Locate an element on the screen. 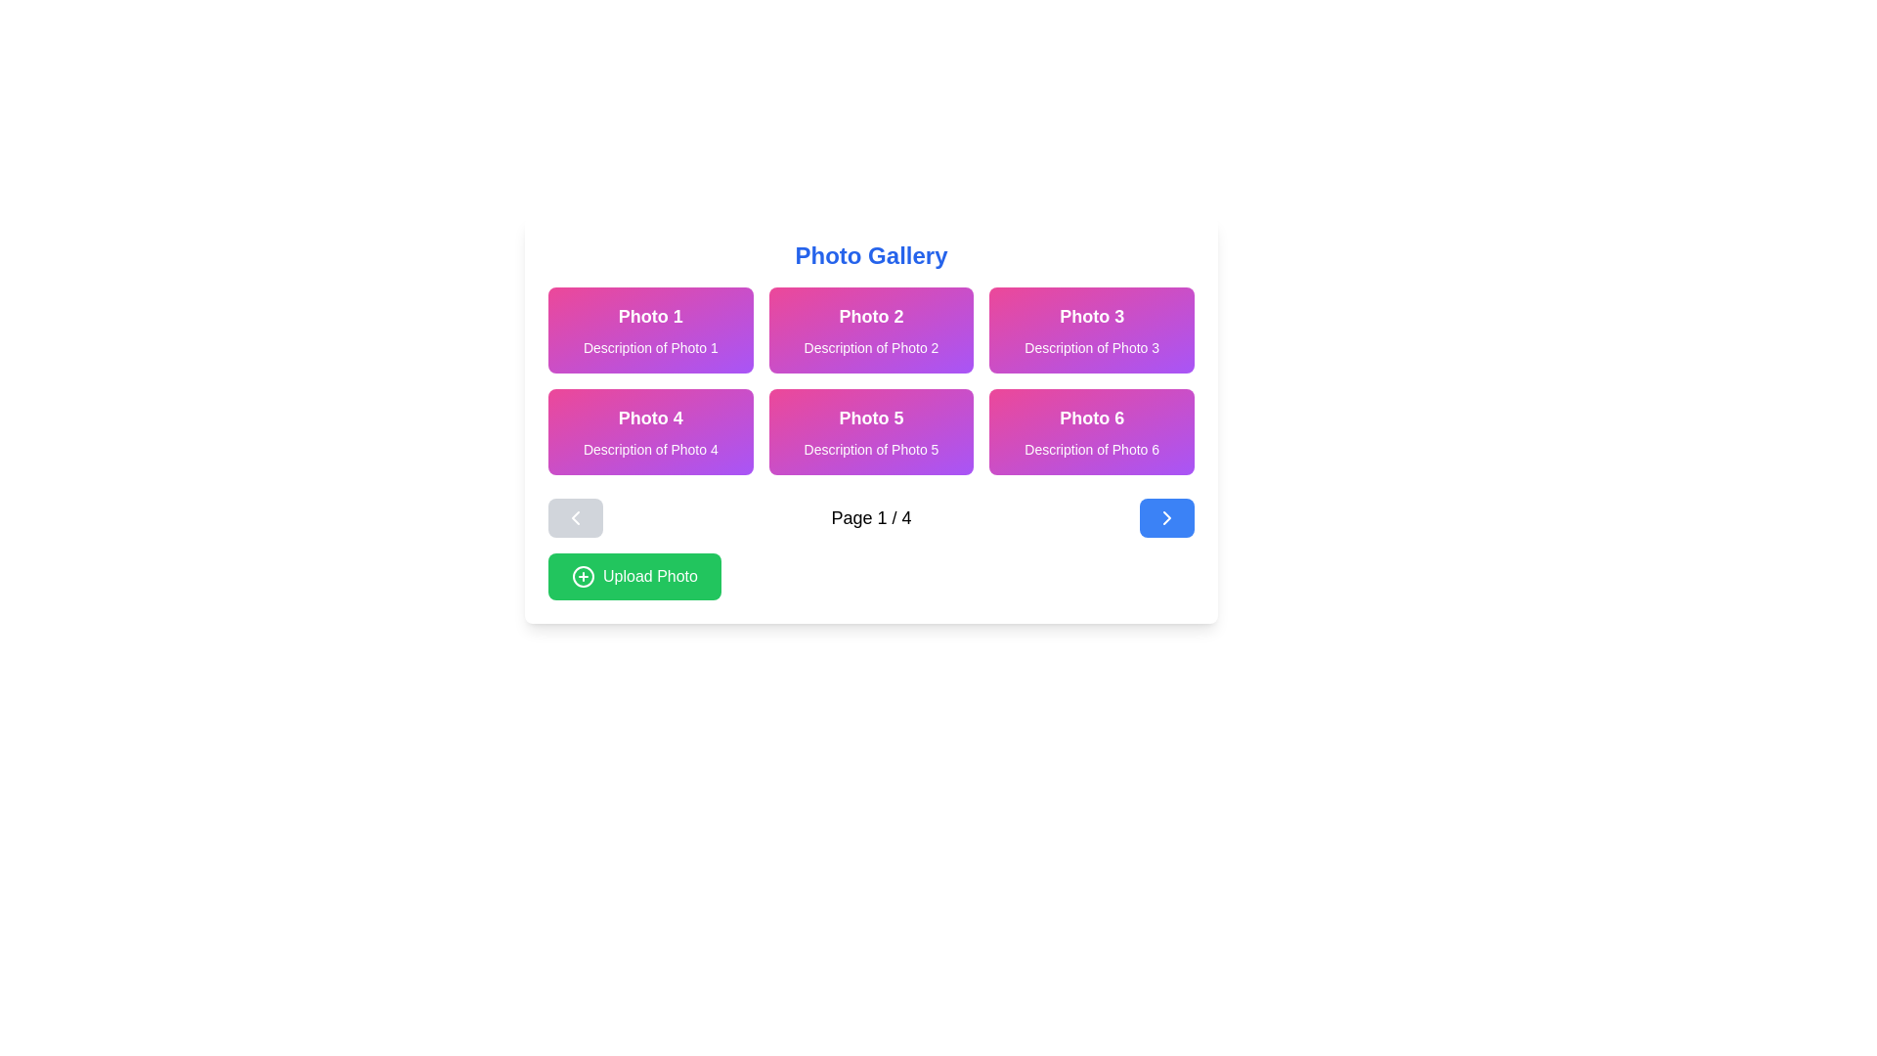 Image resolution: width=1877 pixels, height=1056 pixels. the stylized right arrow icon, which is located inside a blue rounded rectangular button in the lower right corner of the interface is located at coordinates (1167, 516).